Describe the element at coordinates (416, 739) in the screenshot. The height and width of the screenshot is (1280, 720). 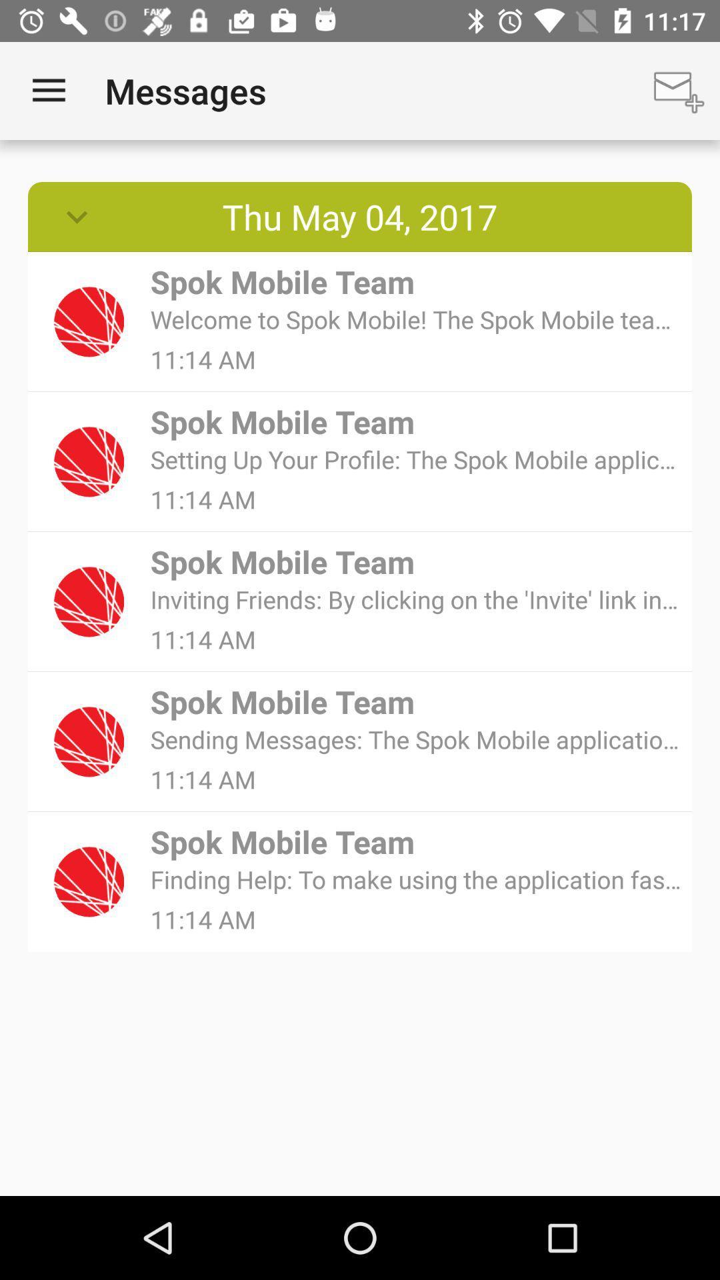
I see `the item above 11:14 am icon` at that location.